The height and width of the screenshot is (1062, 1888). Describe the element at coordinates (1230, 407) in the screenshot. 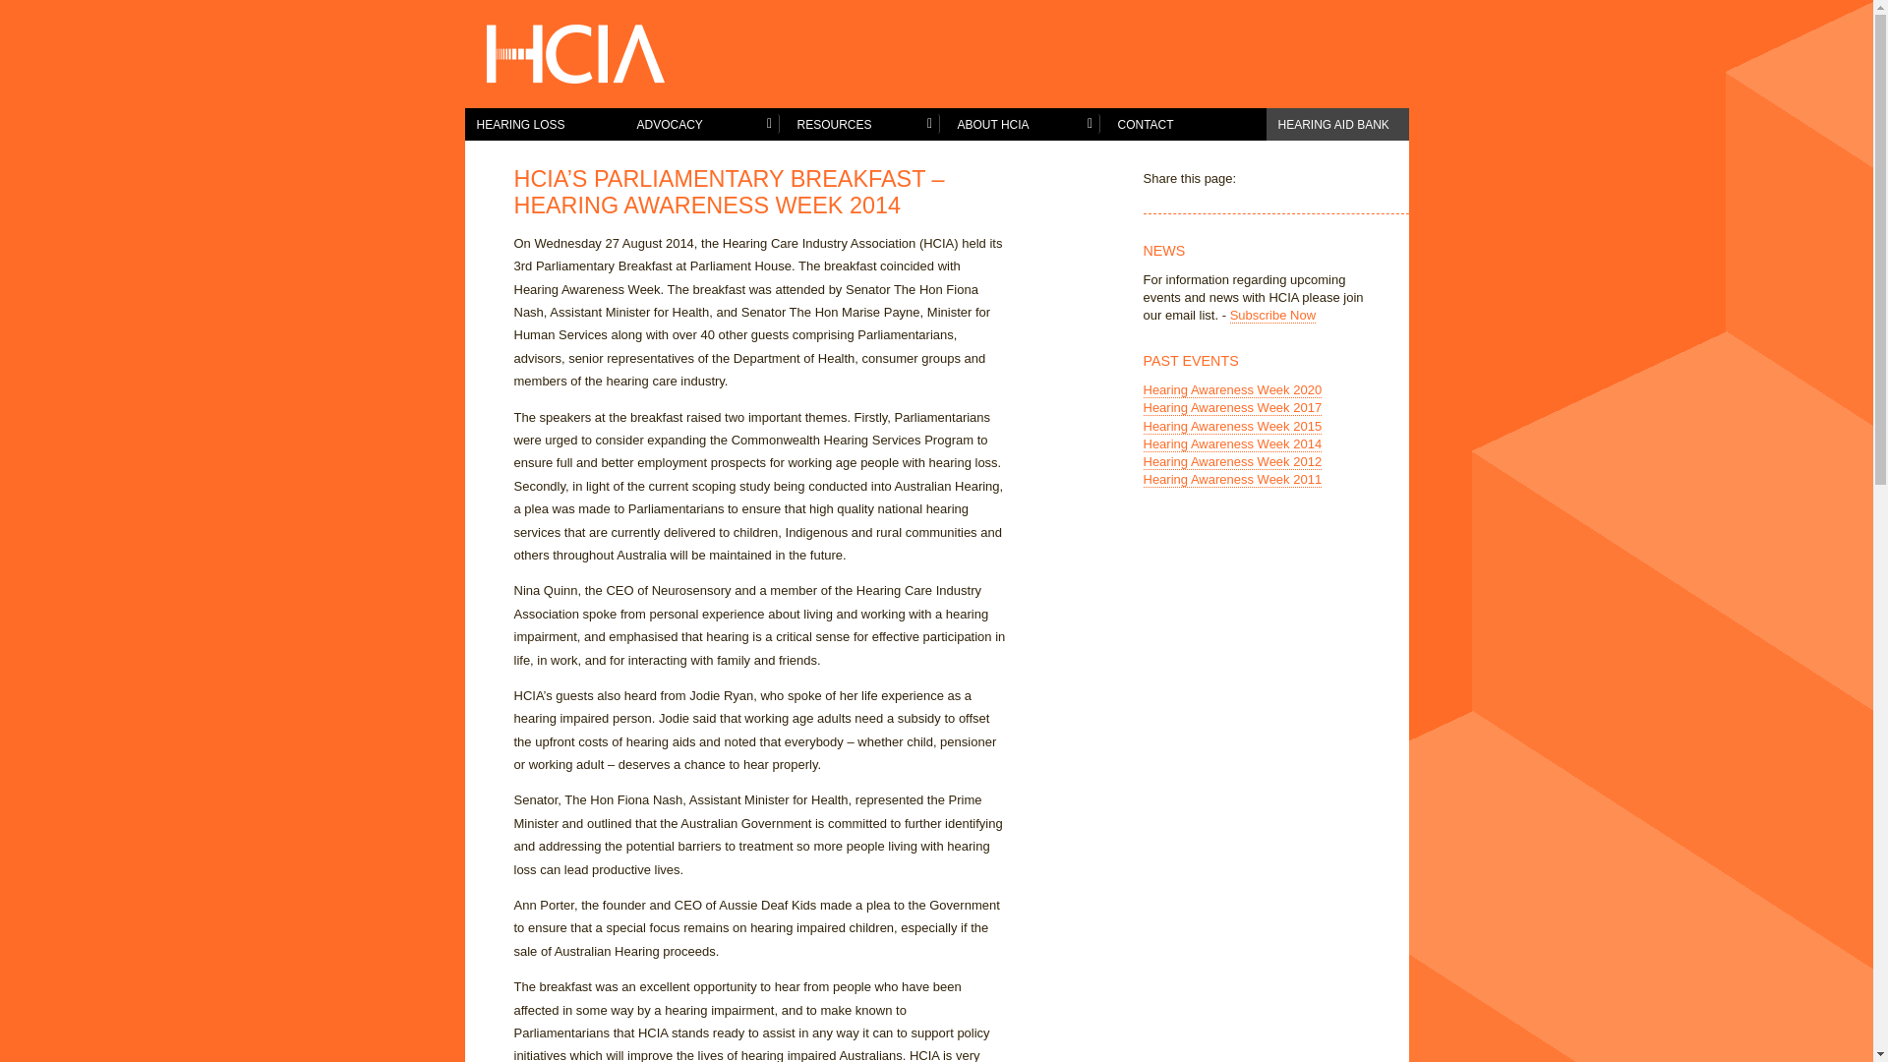

I see `'Hearing Awareness Week 2017'` at that location.